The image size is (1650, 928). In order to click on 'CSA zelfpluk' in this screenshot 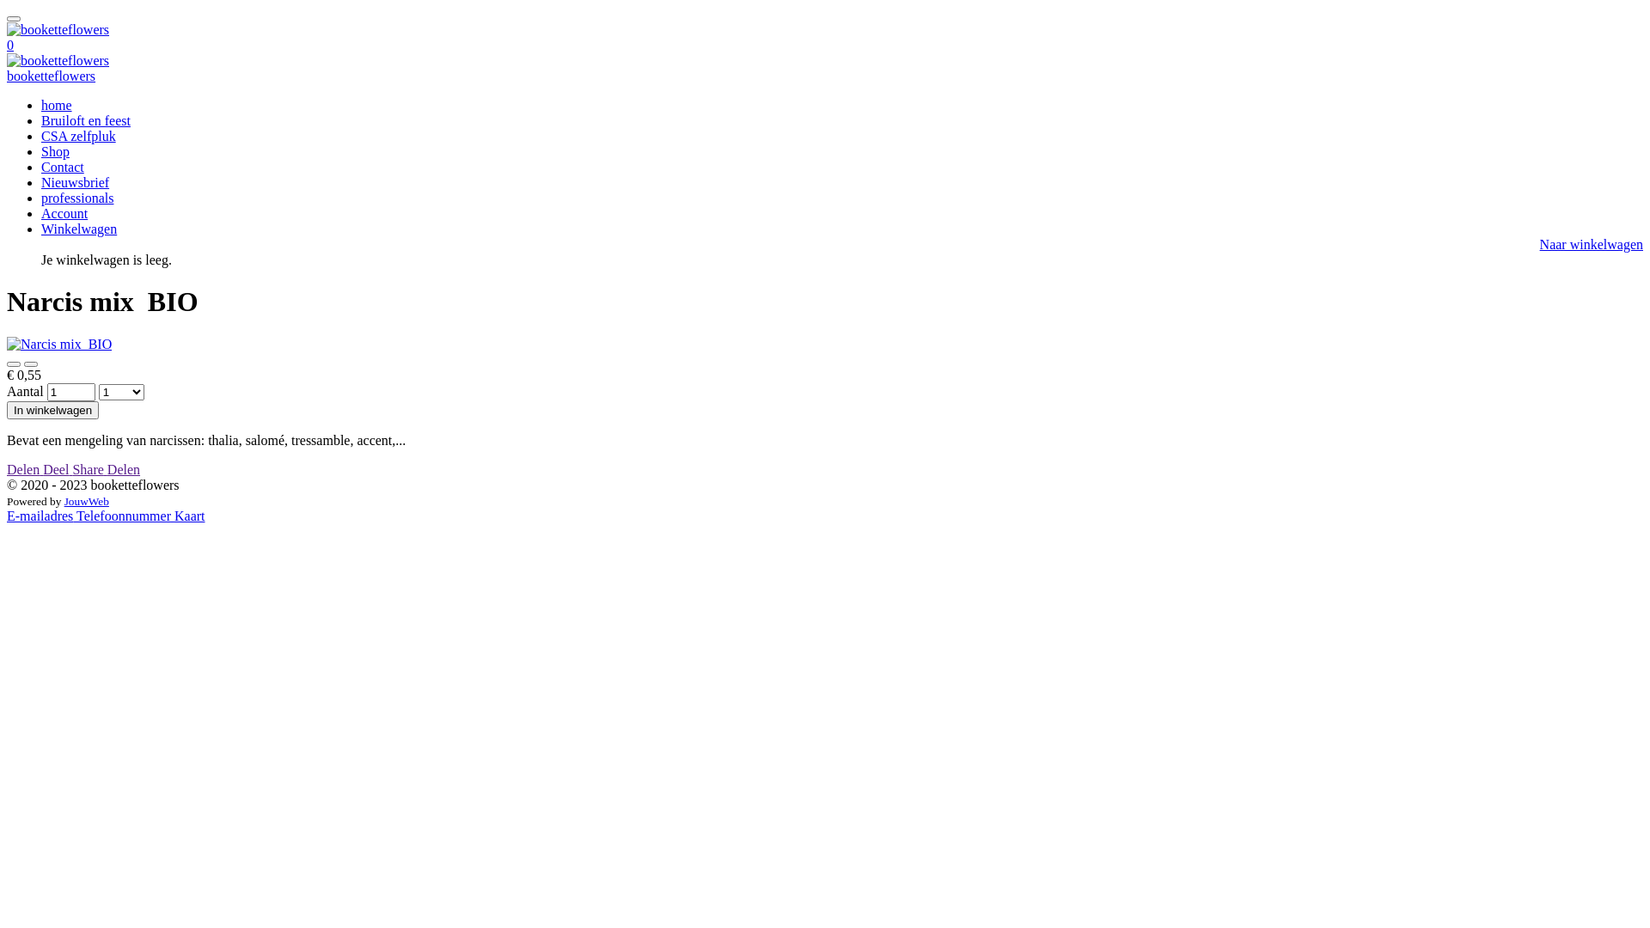, I will do `click(77, 135)`.